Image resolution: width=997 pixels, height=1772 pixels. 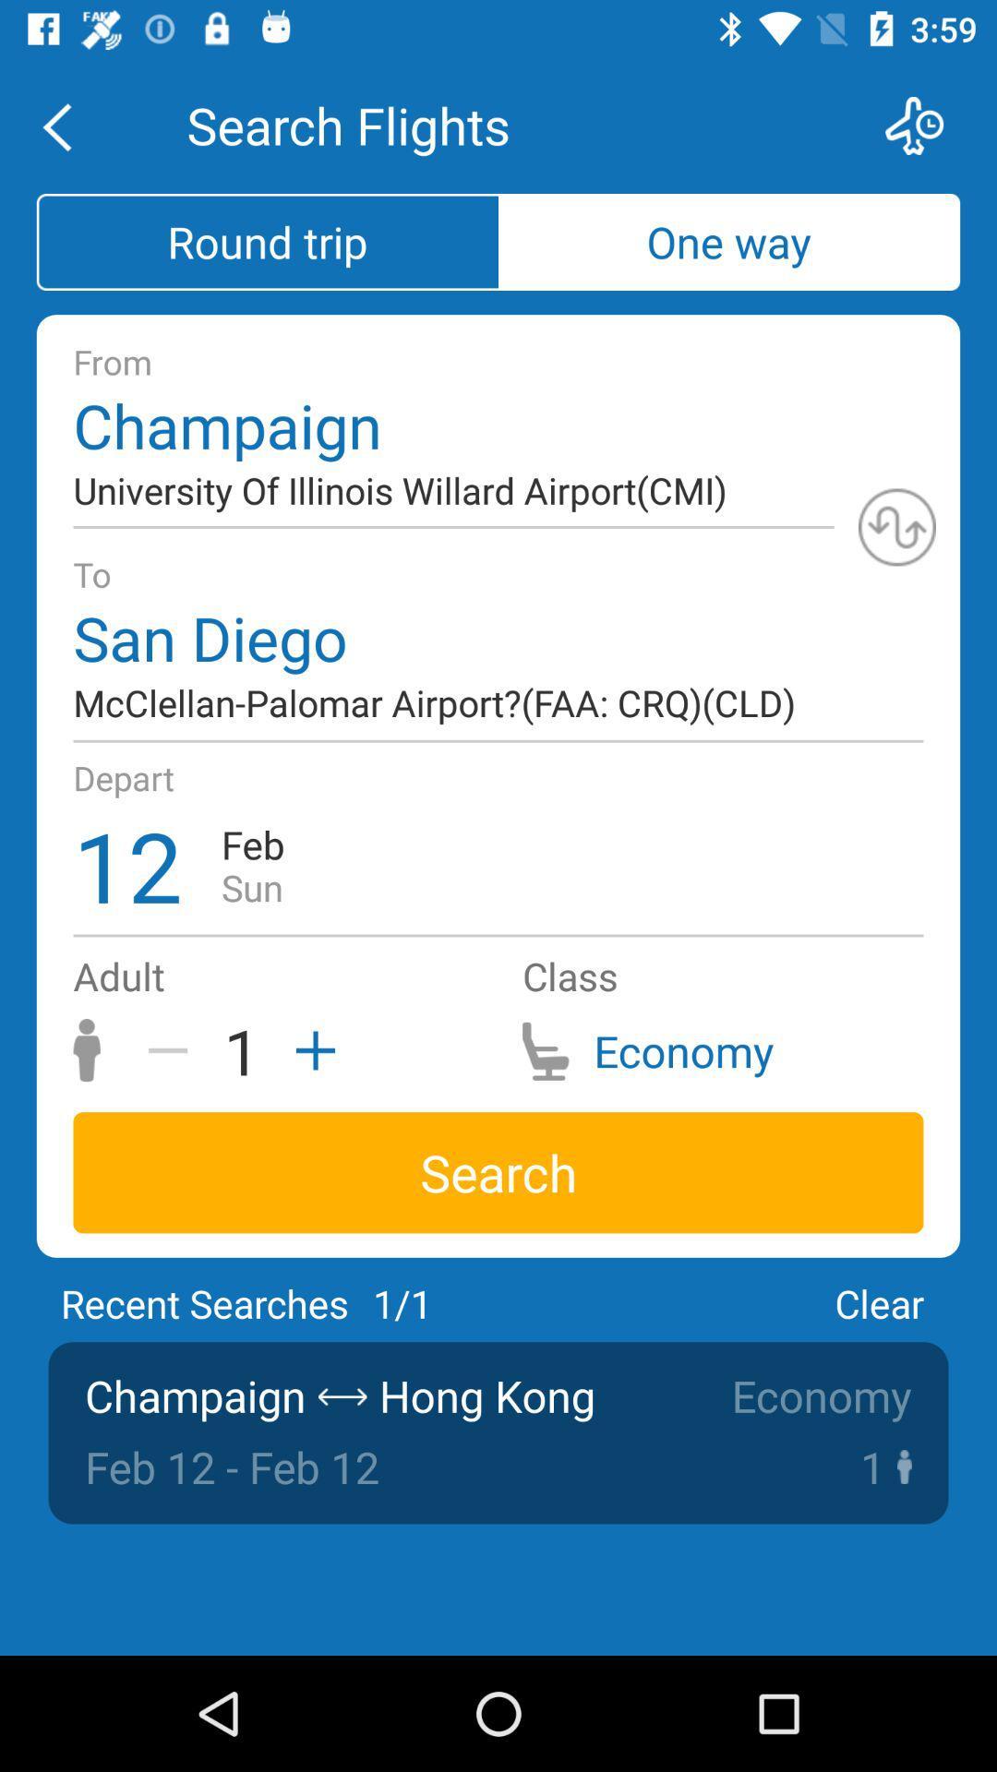 What do you see at coordinates (174, 1050) in the screenshot?
I see `item next to 1 icon` at bounding box center [174, 1050].